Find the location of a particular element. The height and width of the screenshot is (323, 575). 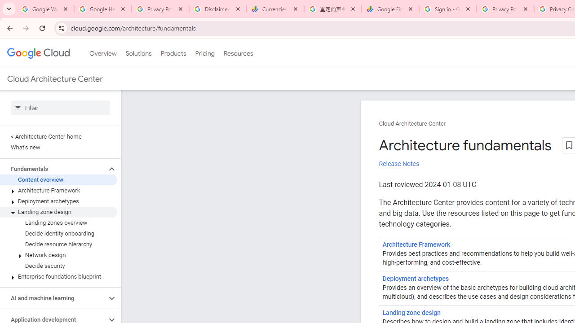

'< Architecture Center home' is located at coordinates (58, 136).